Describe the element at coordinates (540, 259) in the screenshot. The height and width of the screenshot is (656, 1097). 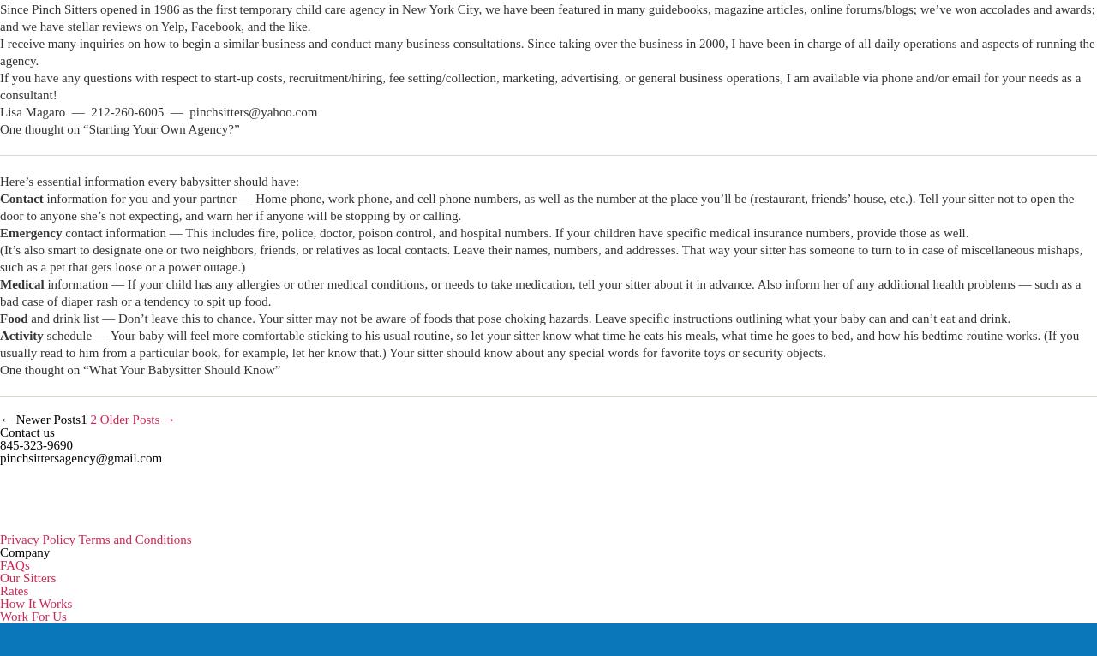
I see `'(It’s also smart to designate one or two neighbors, friends, or relatives as local contacts. Leave their names, numbers, and addresses. That way your sitter has someone to turn to in case of miscellaneous mishaps, such as a pet that gets loose or a power outage.)'` at that location.